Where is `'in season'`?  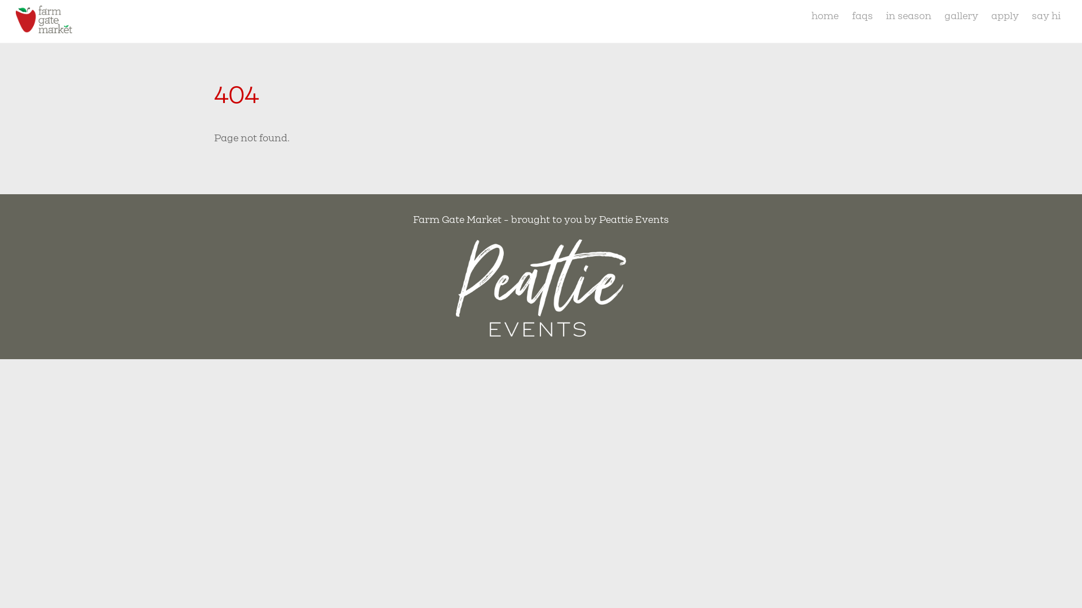
'in season' is located at coordinates (908, 15).